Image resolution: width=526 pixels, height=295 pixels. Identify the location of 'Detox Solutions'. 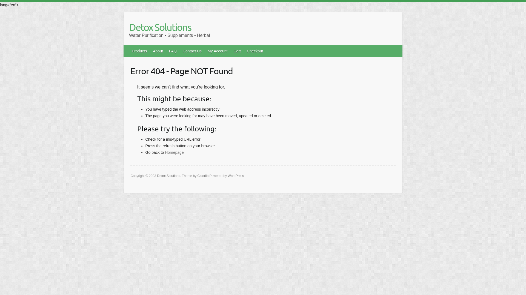
(128, 27).